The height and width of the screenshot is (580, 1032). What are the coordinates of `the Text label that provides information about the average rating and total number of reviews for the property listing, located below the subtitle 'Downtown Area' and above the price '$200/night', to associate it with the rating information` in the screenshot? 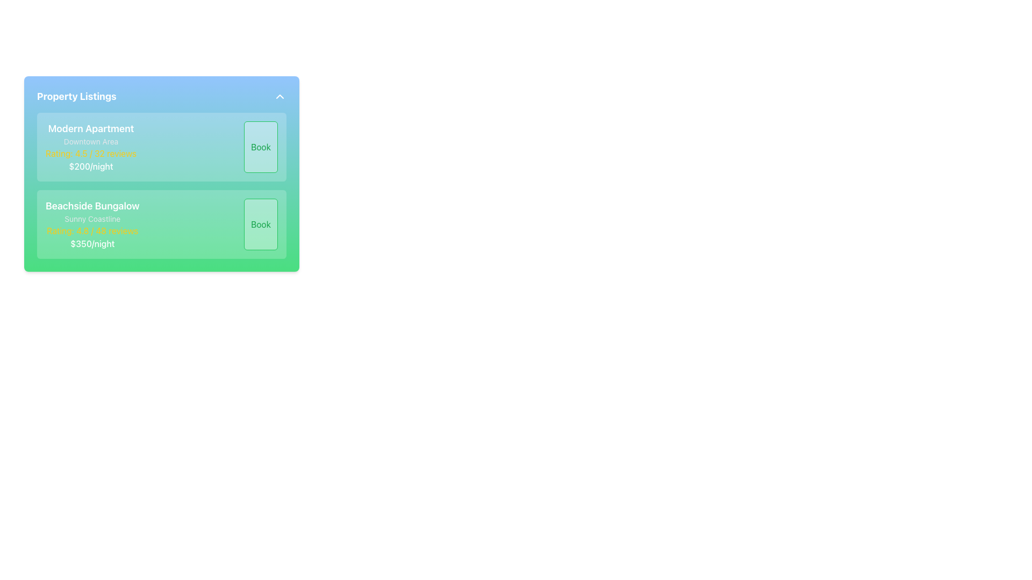 It's located at (91, 153).